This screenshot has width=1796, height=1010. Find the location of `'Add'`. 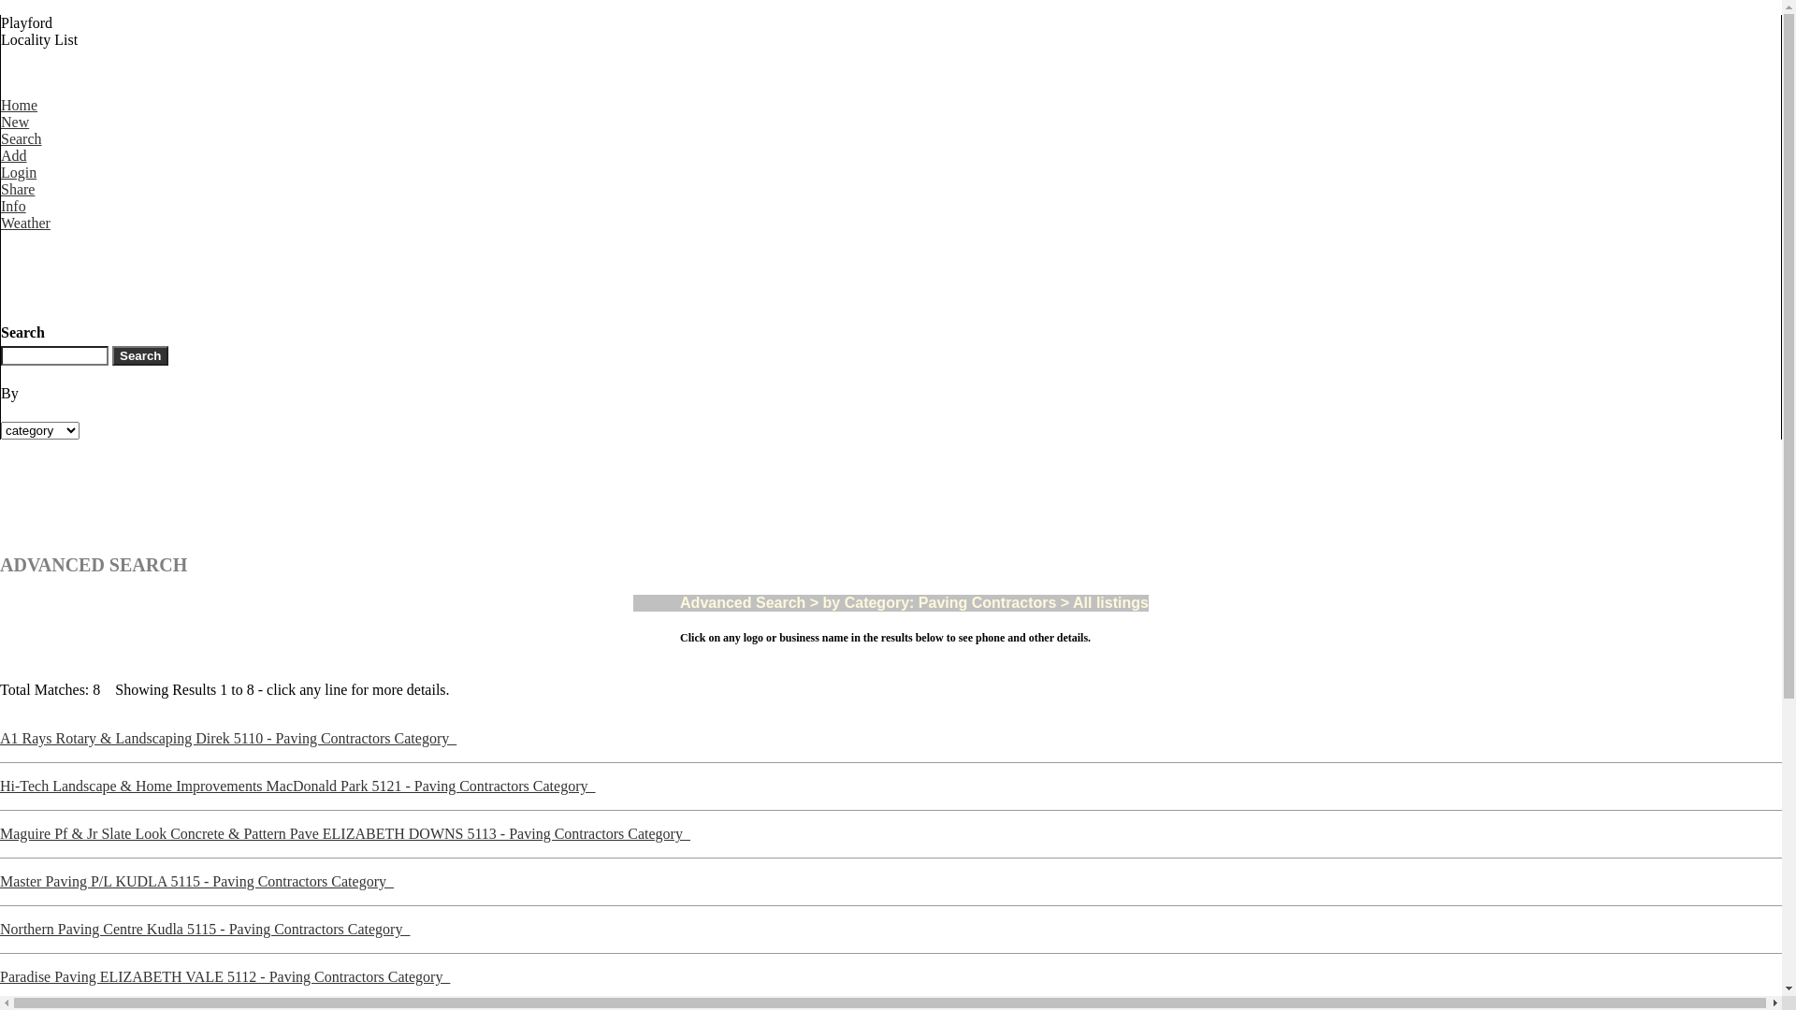

'Add' is located at coordinates (22, 163).